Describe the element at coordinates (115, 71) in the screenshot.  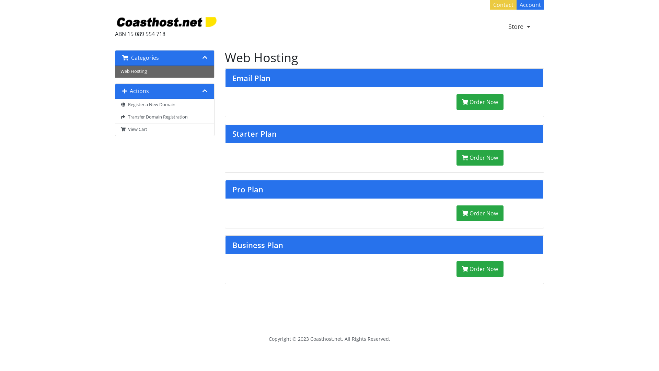
I see `'Web Hosting'` at that location.